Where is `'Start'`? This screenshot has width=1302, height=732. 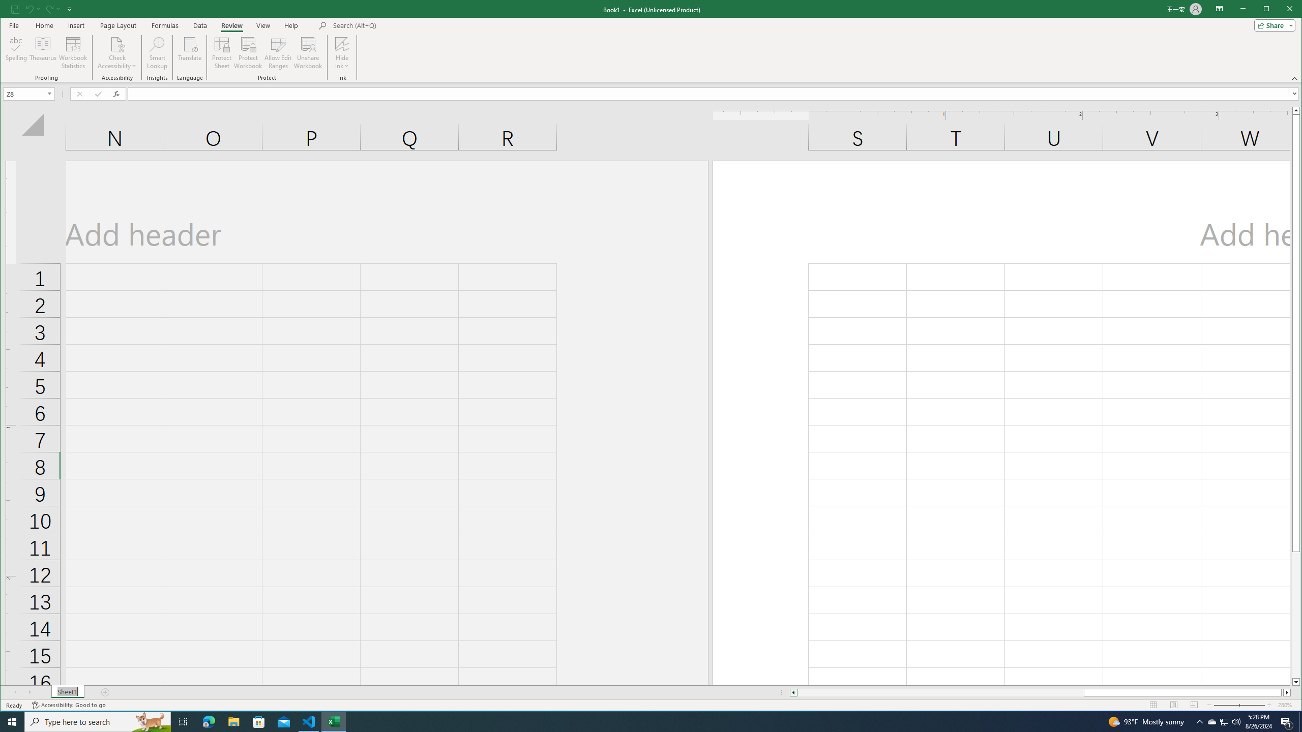
'Start' is located at coordinates (12, 721).